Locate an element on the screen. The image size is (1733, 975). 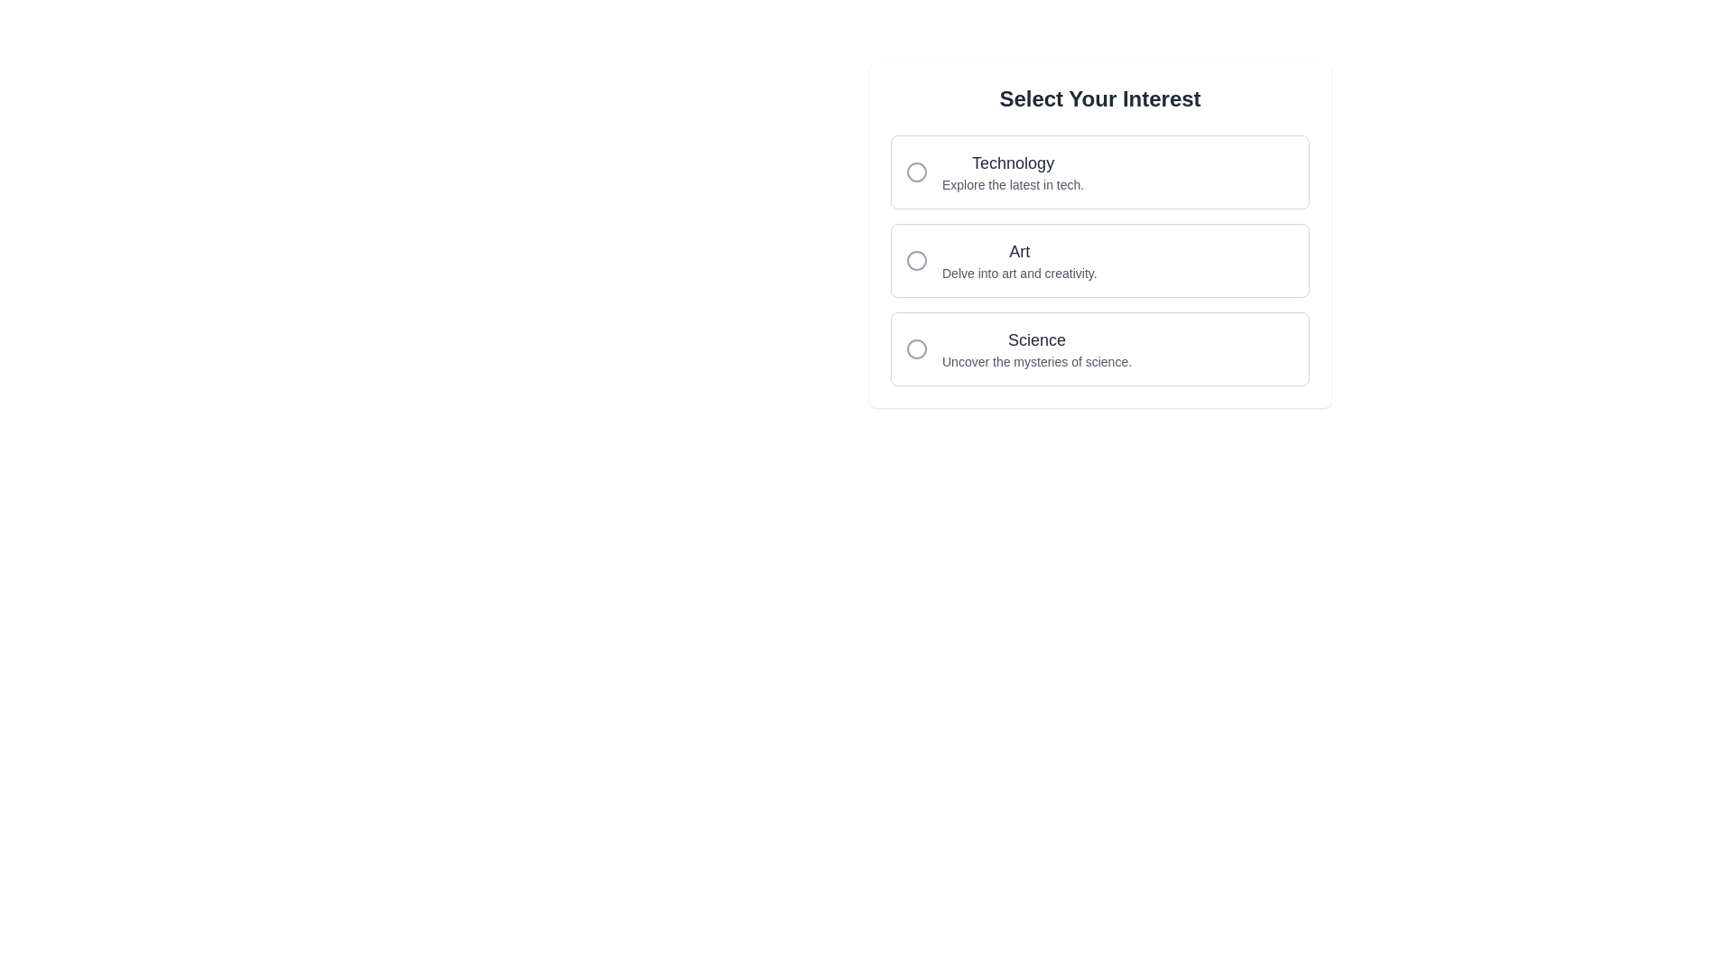
the unselected radio button for the 'Art' option, which is a circular outline with a diameter of approximately 20 pixels, rendered in gray color, located adjacent to the 'Art' choice in a vertical list of options is located at coordinates (917, 261).